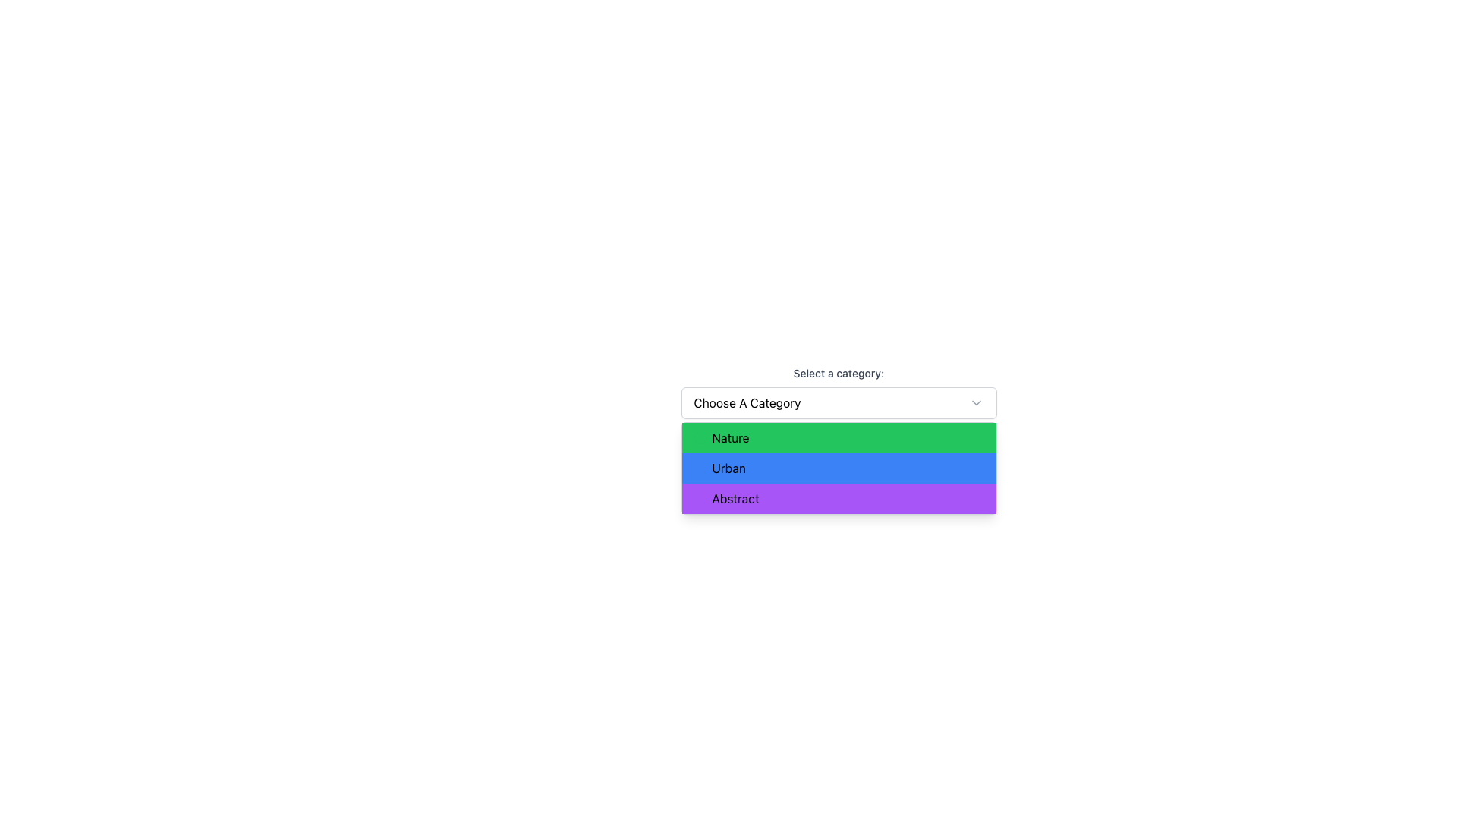 The height and width of the screenshot is (820, 1457). Describe the element at coordinates (838, 391) in the screenshot. I see `the dropdown menu labeled 'Select a category:'` at that location.